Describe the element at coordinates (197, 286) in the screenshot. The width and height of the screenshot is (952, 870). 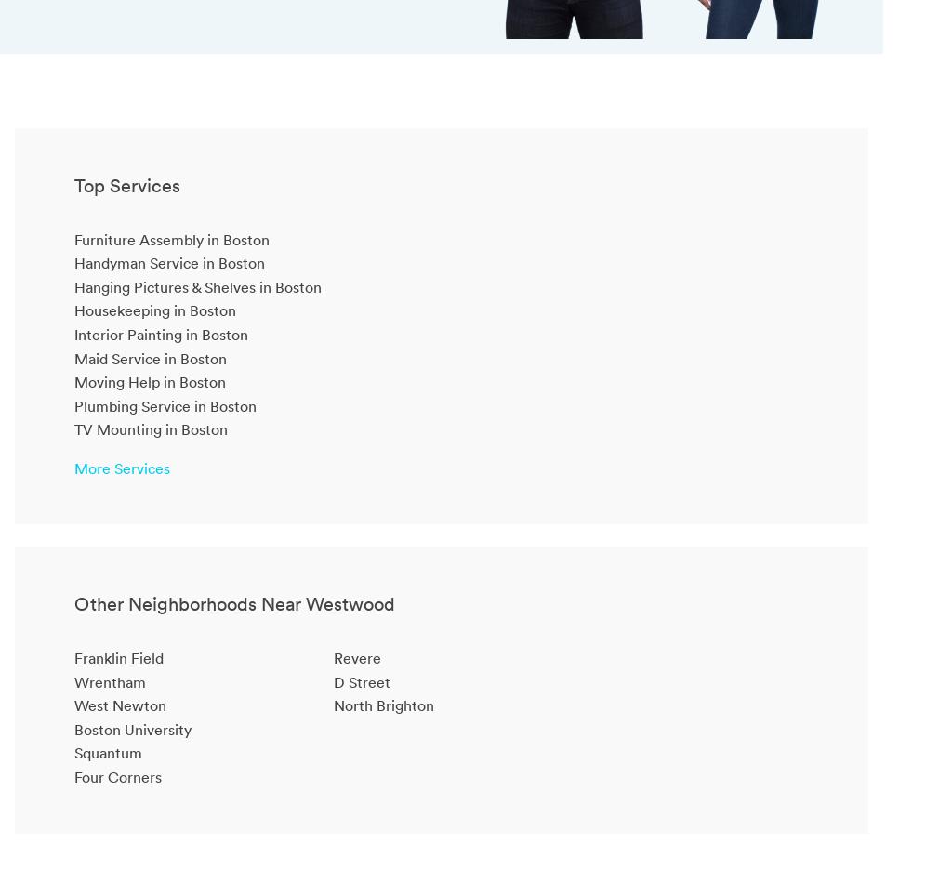
I see `'Hanging Pictures & Shelves in Boston'` at that location.